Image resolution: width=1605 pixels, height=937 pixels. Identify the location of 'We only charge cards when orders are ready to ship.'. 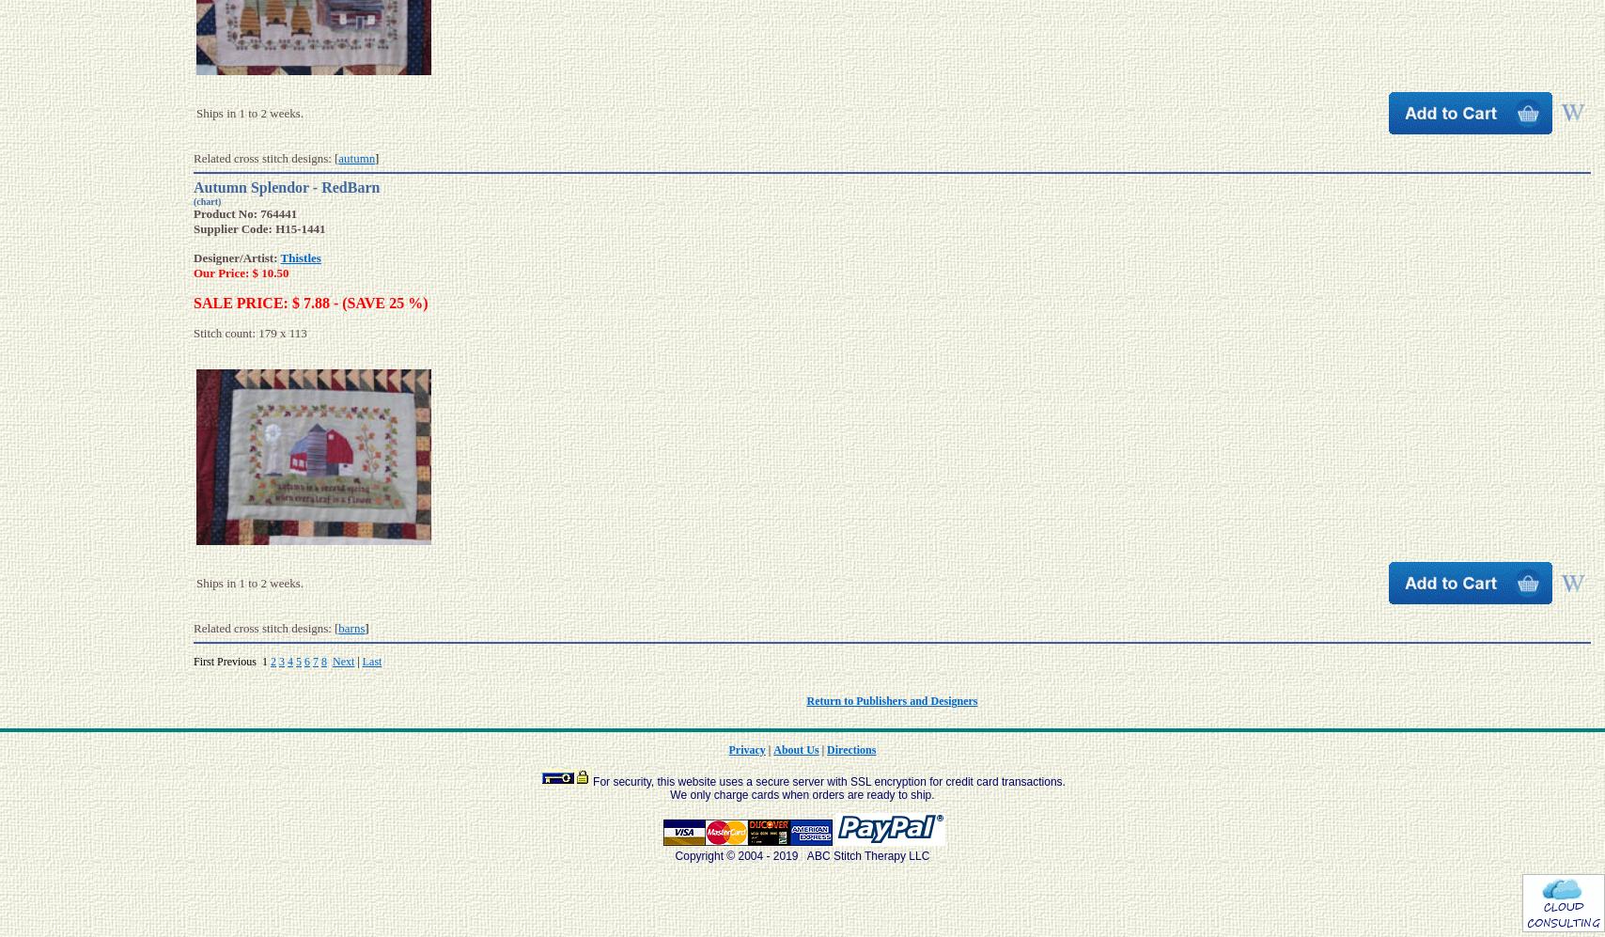
(669, 794).